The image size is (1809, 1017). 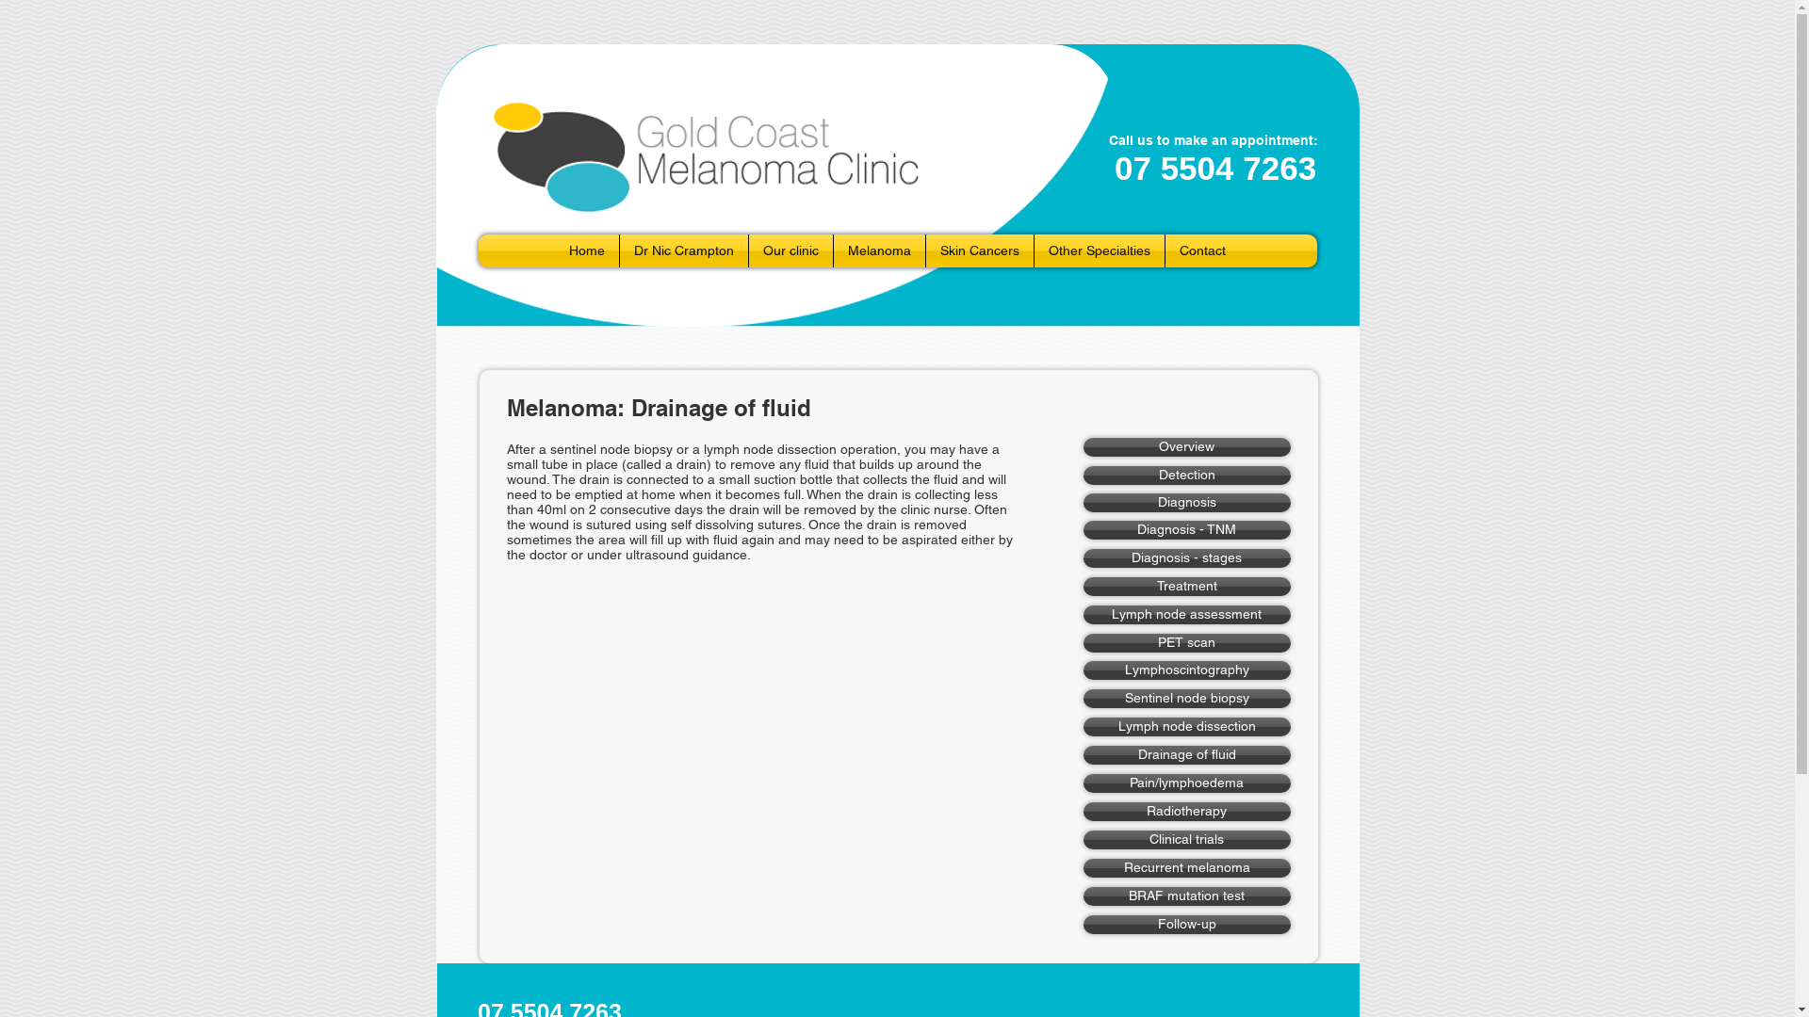 What do you see at coordinates (878, 250) in the screenshot?
I see `'Melanoma'` at bounding box center [878, 250].